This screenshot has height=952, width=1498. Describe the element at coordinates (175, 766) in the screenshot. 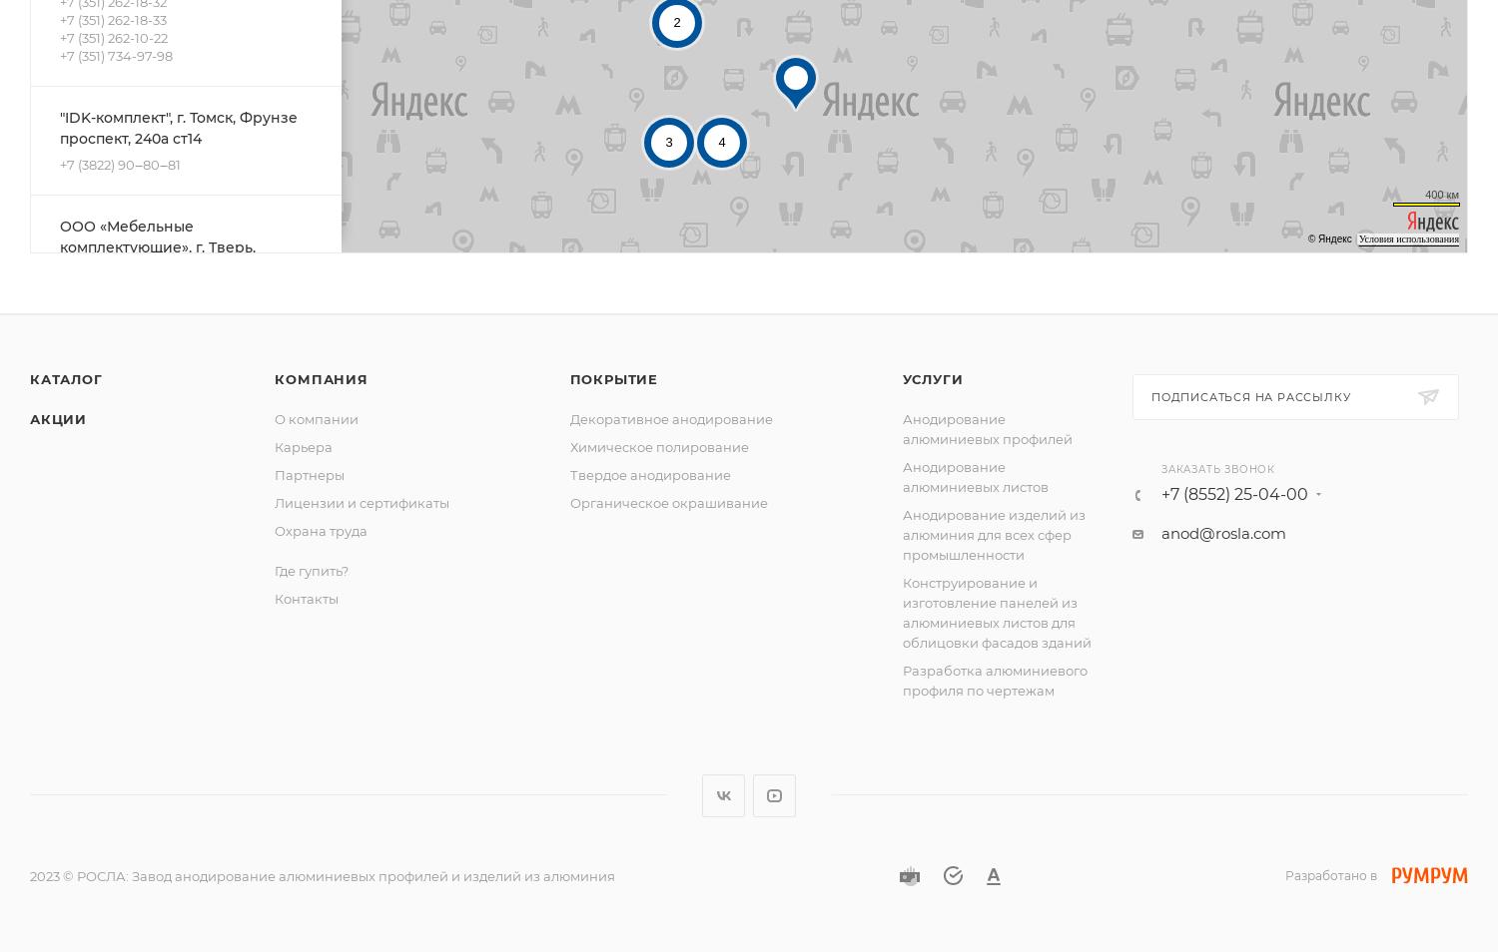

I see `'"Roomatic", г. Пермь, ул. Героев Хасана, дом 64, корп. 1'` at that location.